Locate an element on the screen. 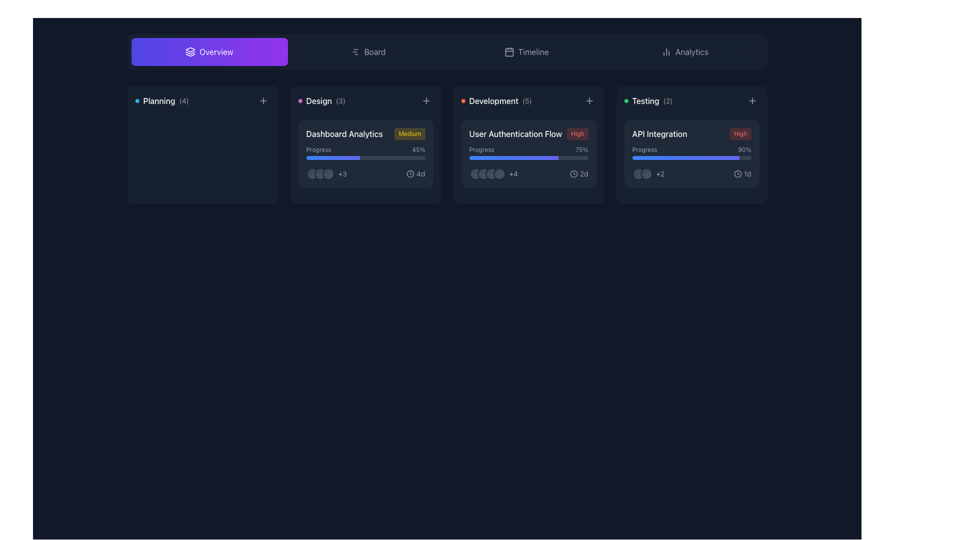 The width and height of the screenshot is (960, 540). the time-related indicator icon located in the Testing column under the API Integration item is located at coordinates (737, 173).